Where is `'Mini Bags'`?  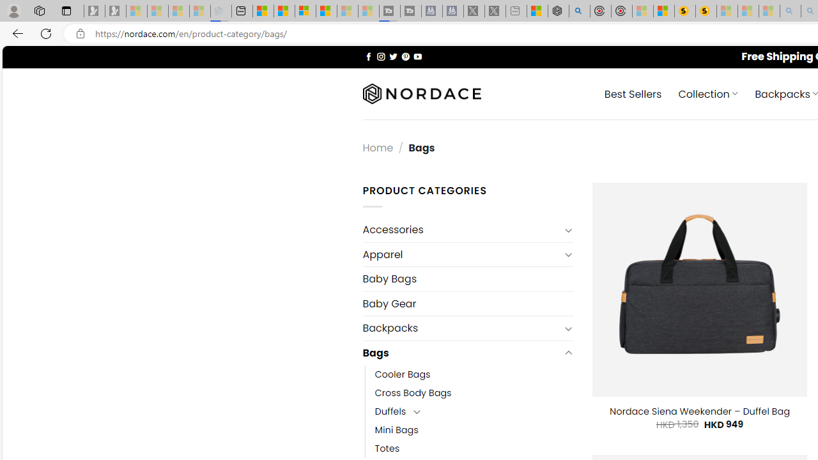 'Mini Bags' is located at coordinates (396, 430).